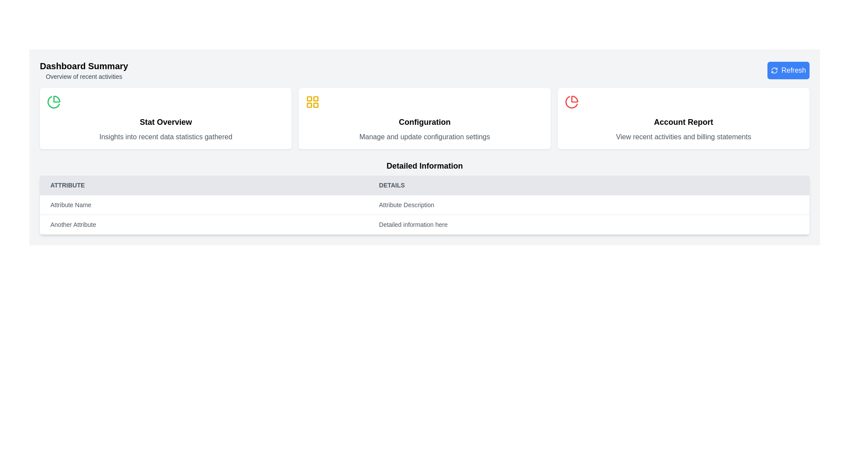 The image size is (842, 473). Describe the element at coordinates (589, 224) in the screenshot. I see `the detailed textual information element located to the right of 'Another Attribute' in the middle section of the webpage's information table` at that location.